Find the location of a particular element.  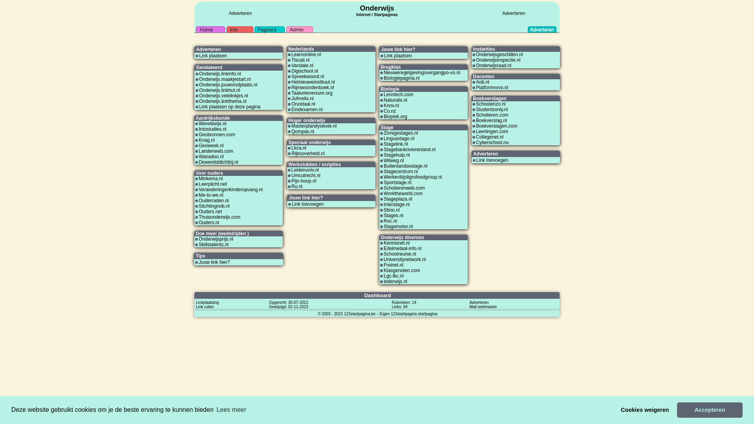

'Onderwijsgeschillen.nl' is located at coordinates (475, 54).